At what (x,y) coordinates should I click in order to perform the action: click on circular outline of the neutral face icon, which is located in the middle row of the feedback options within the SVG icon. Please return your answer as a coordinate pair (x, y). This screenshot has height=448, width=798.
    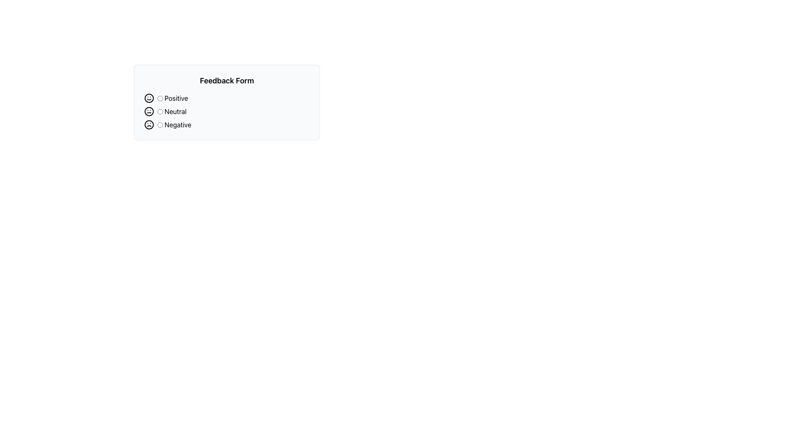
    Looking at the image, I should click on (149, 111).